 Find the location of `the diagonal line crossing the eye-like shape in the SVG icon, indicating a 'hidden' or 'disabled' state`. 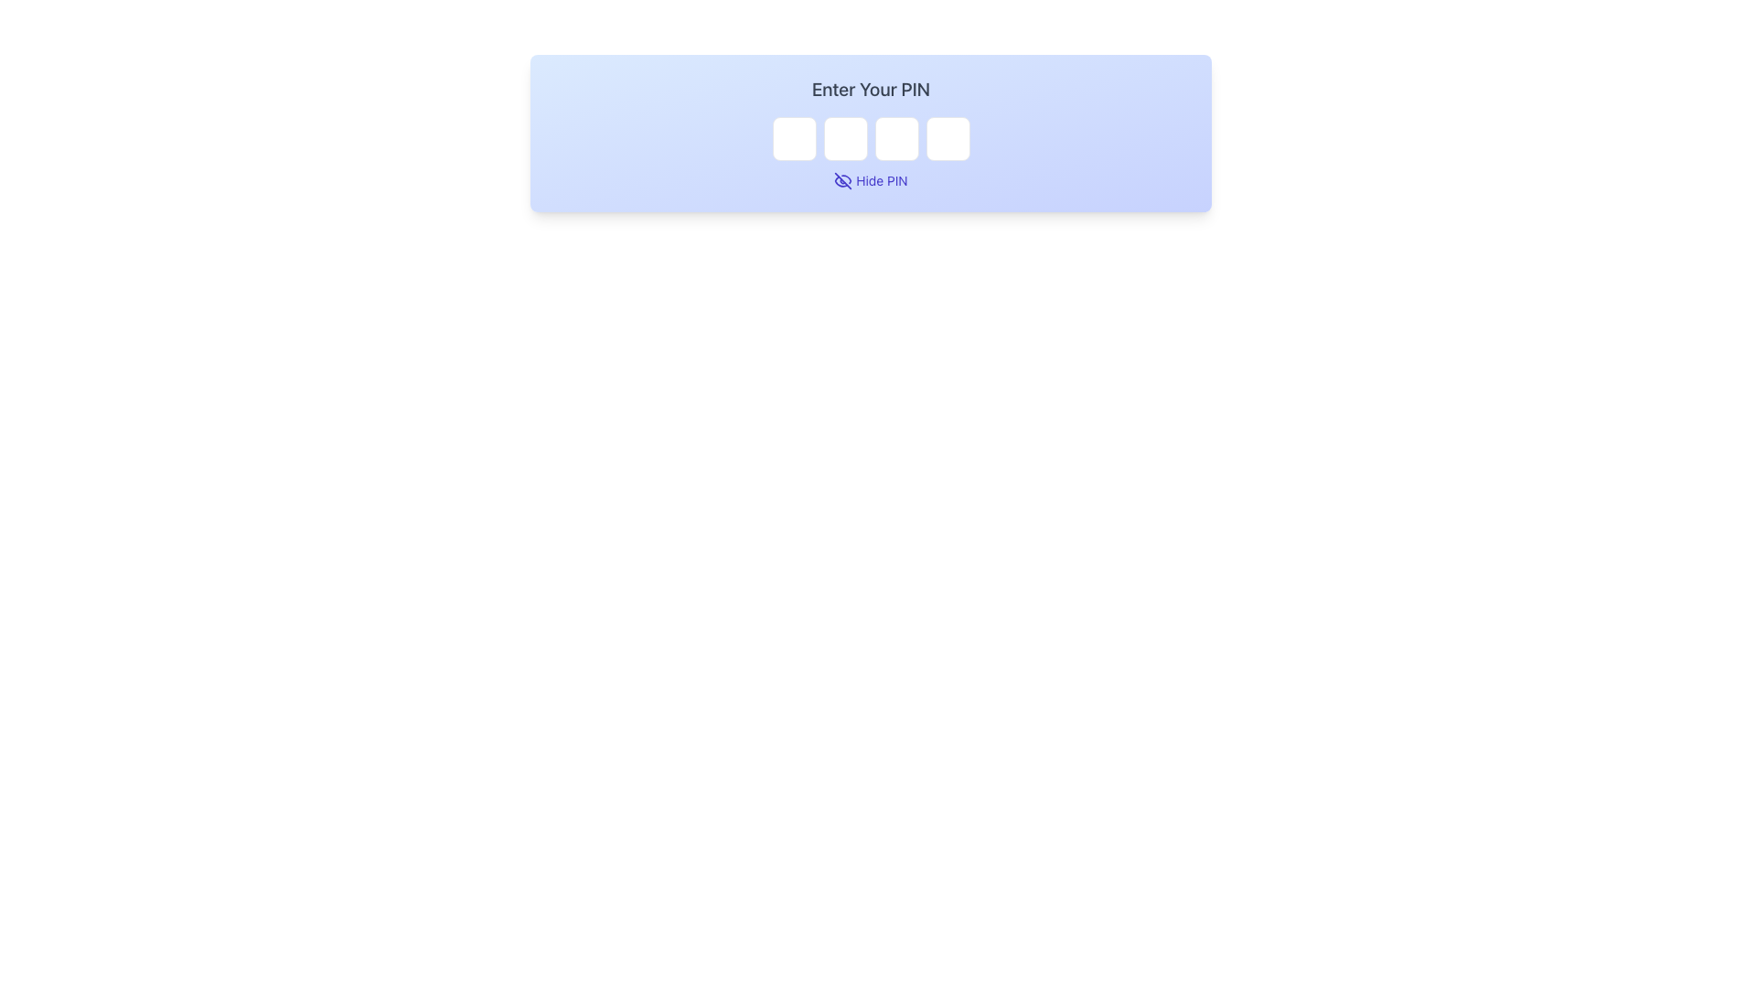

the diagonal line crossing the eye-like shape in the SVG icon, indicating a 'hidden' or 'disabled' state is located at coordinates (842, 180).